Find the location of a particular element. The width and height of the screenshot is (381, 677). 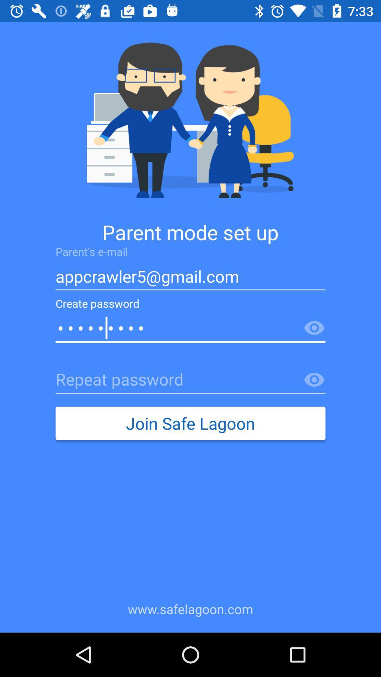

the visibility icon is located at coordinates (314, 328).